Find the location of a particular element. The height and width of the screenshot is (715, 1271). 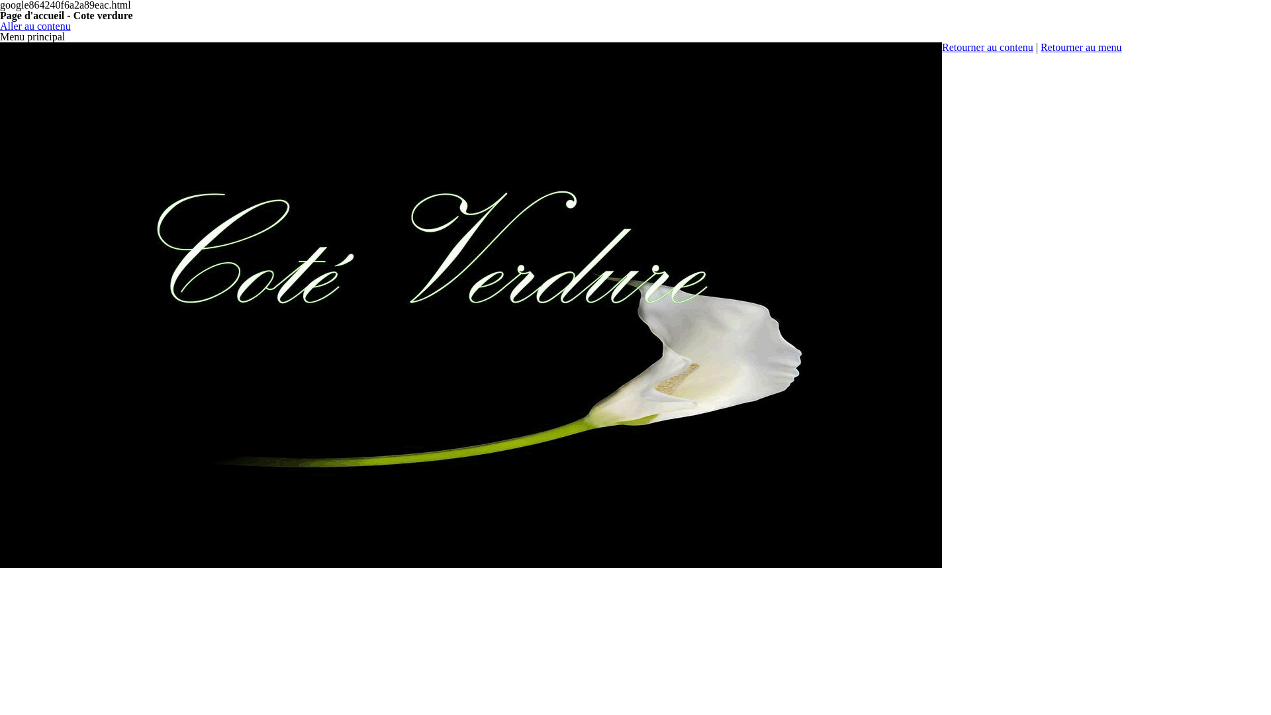

'Retourner au menu' is located at coordinates (1081, 46).